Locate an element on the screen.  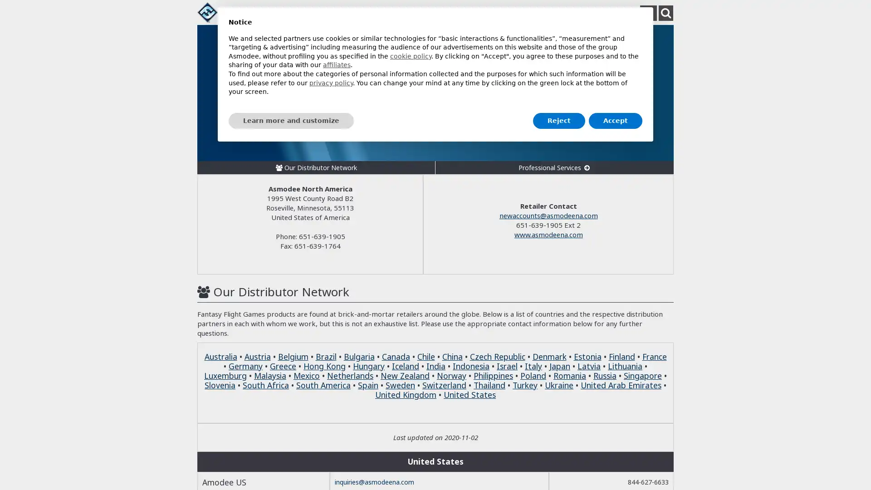
Accept is located at coordinates (616, 120).